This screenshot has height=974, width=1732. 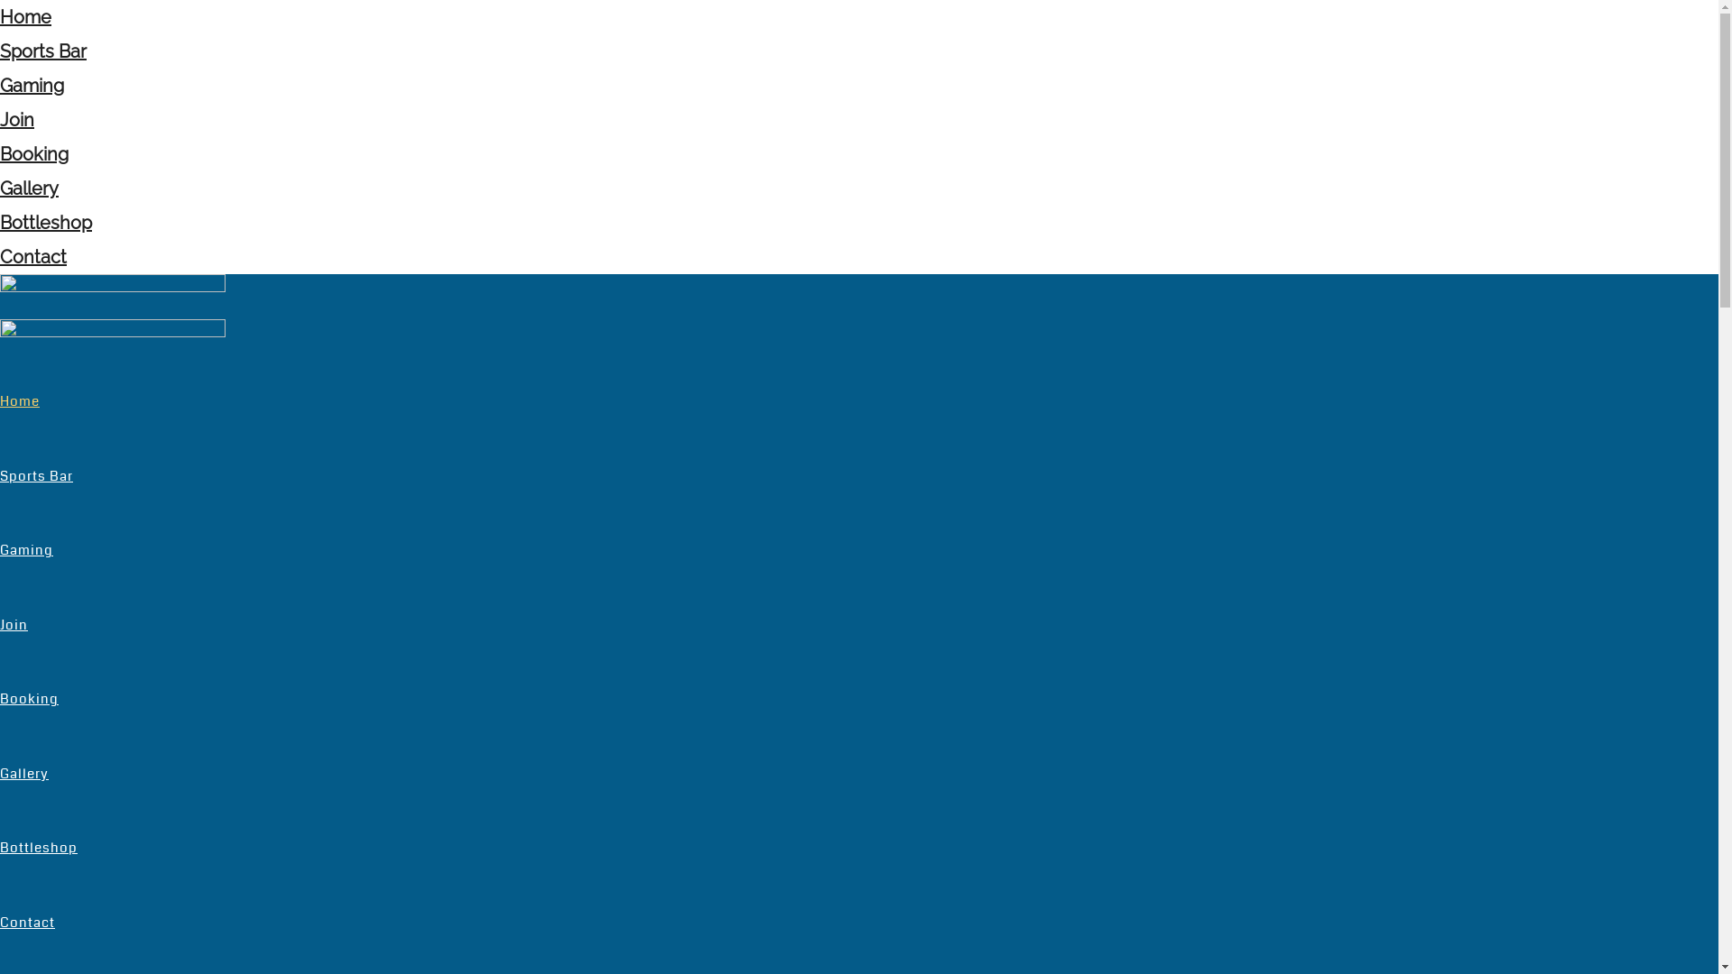 I want to click on 'Join', so click(x=14, y=624).